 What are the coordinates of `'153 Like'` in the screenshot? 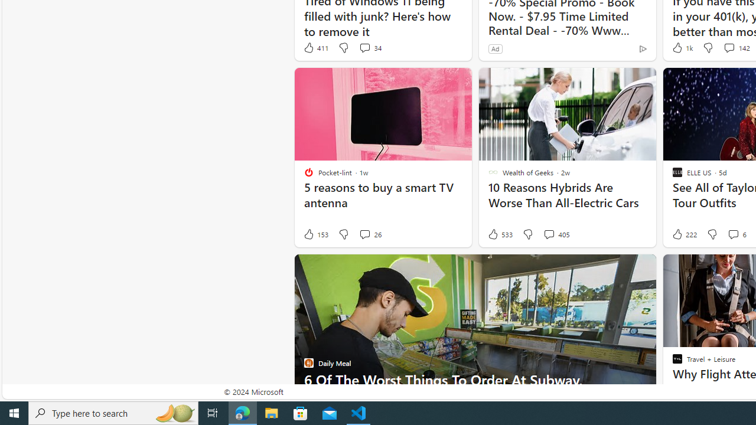 It's located at (315, 234).